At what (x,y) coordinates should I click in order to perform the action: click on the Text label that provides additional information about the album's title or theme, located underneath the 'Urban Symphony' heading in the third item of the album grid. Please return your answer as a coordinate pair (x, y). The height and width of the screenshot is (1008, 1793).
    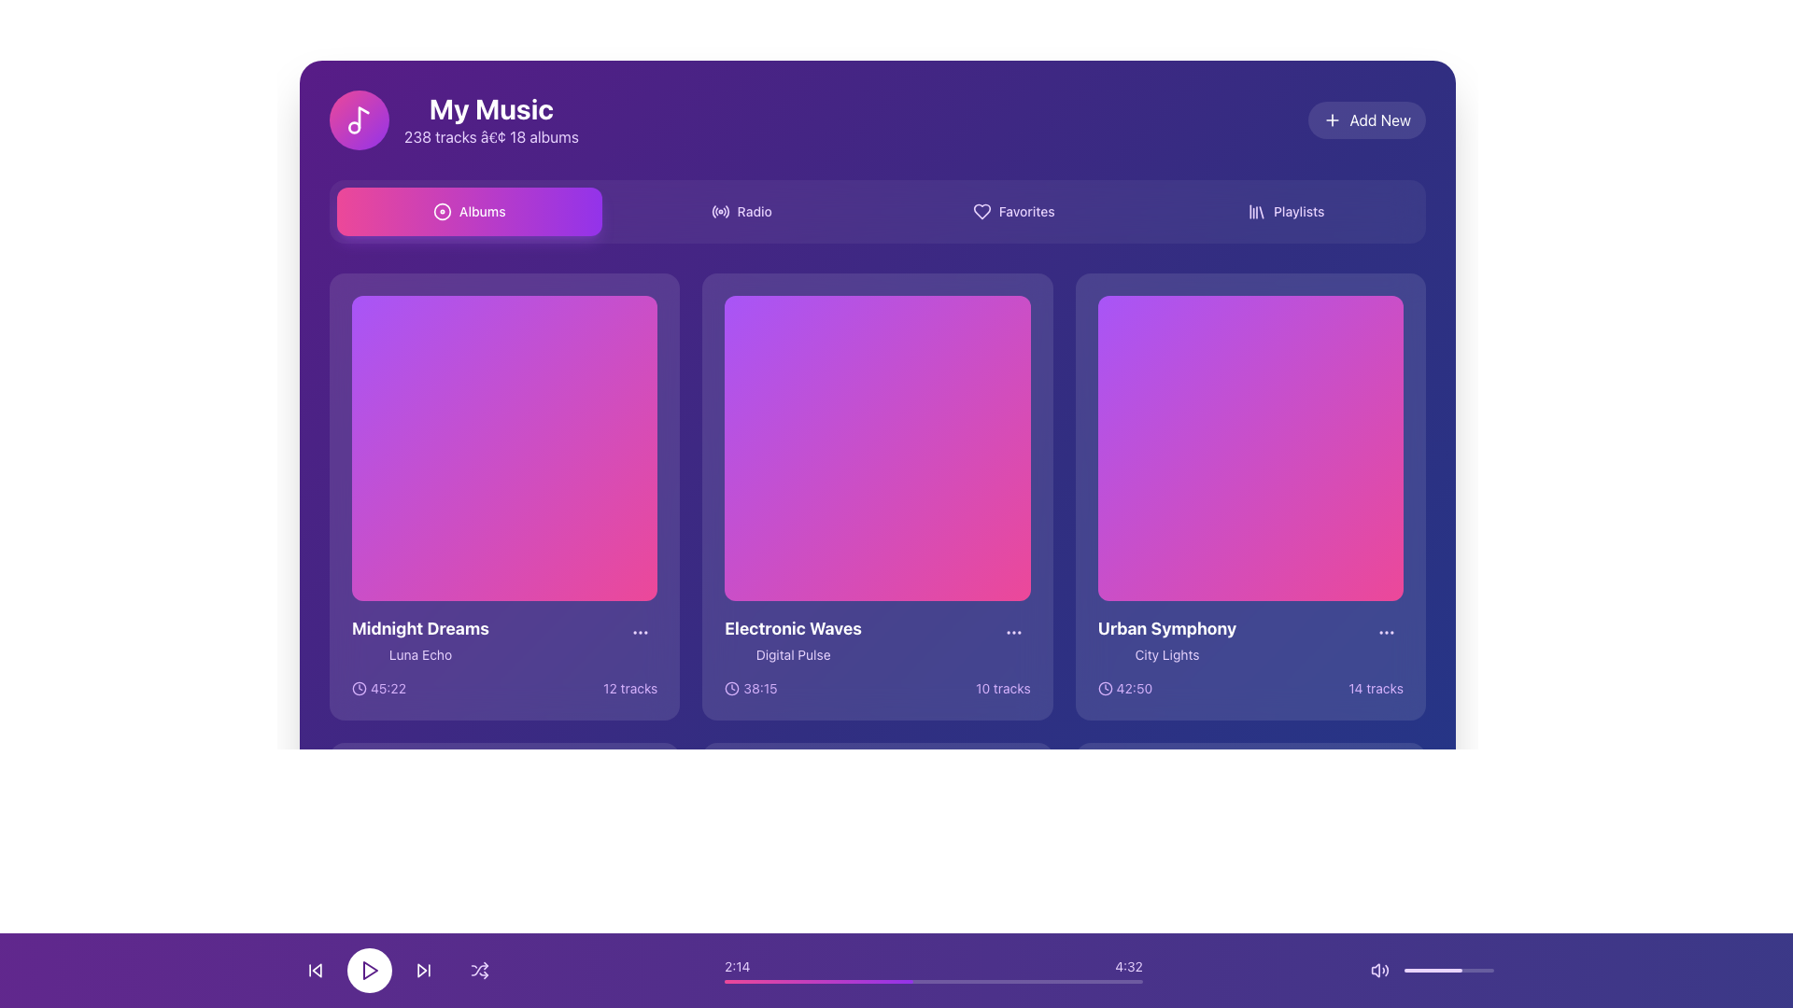
    Looking at the image, I should click on (1165, 654).